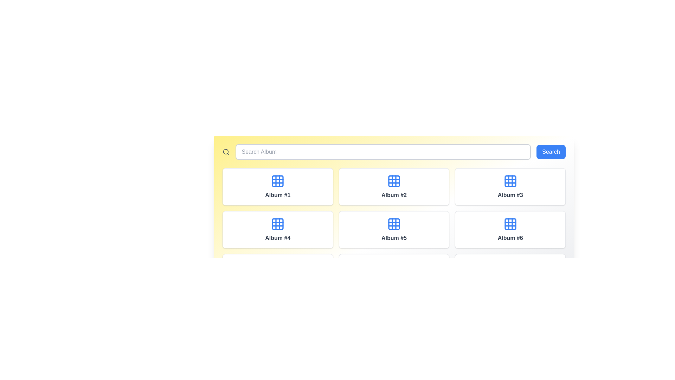 The width and height of the screenshot is (675, 380). I want to click on small square with rounded corners located in the middle cell of the blue outlined grid icon, which is the fourth item in the album list, so click(277, 224).